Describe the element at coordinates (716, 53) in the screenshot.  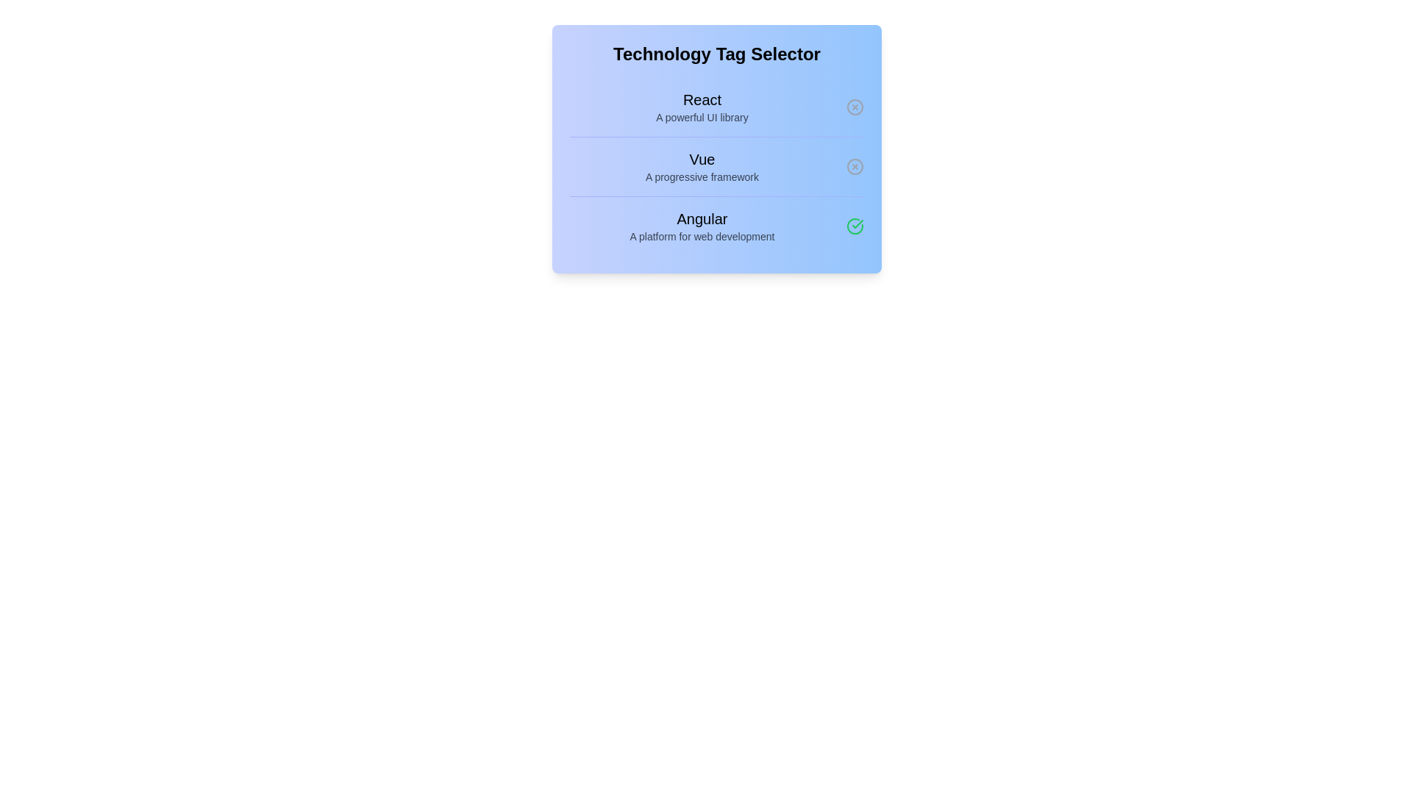
I see `the title of the Technology Tag Selector component` at that location.